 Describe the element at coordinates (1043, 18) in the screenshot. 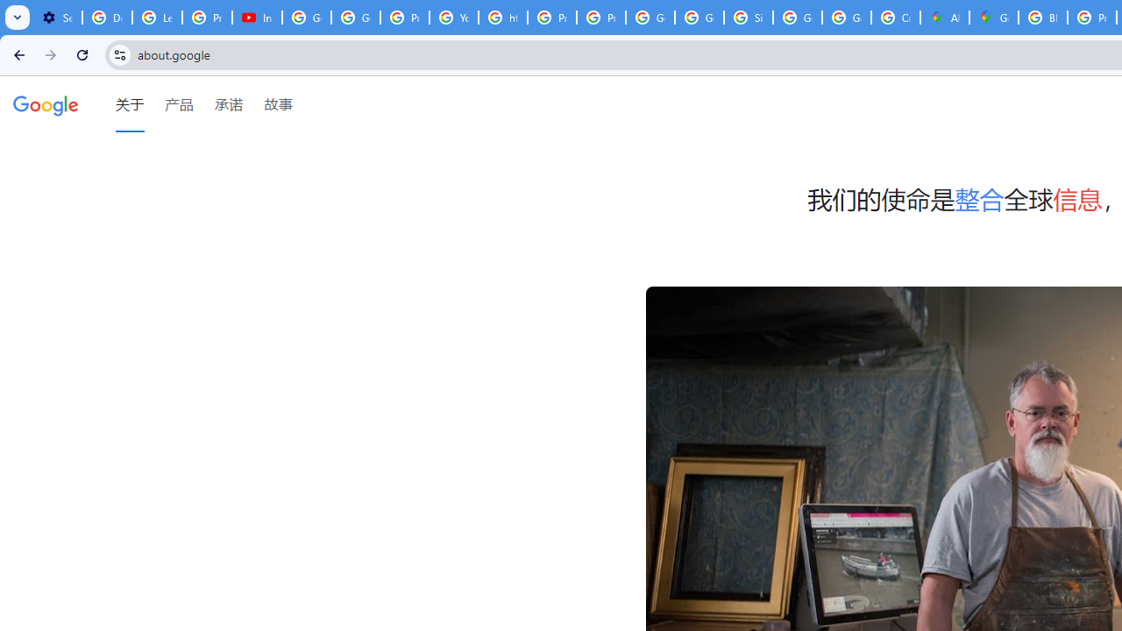

I see `'Blogger Policies and Guidelines - Transparency Center'` at that location.